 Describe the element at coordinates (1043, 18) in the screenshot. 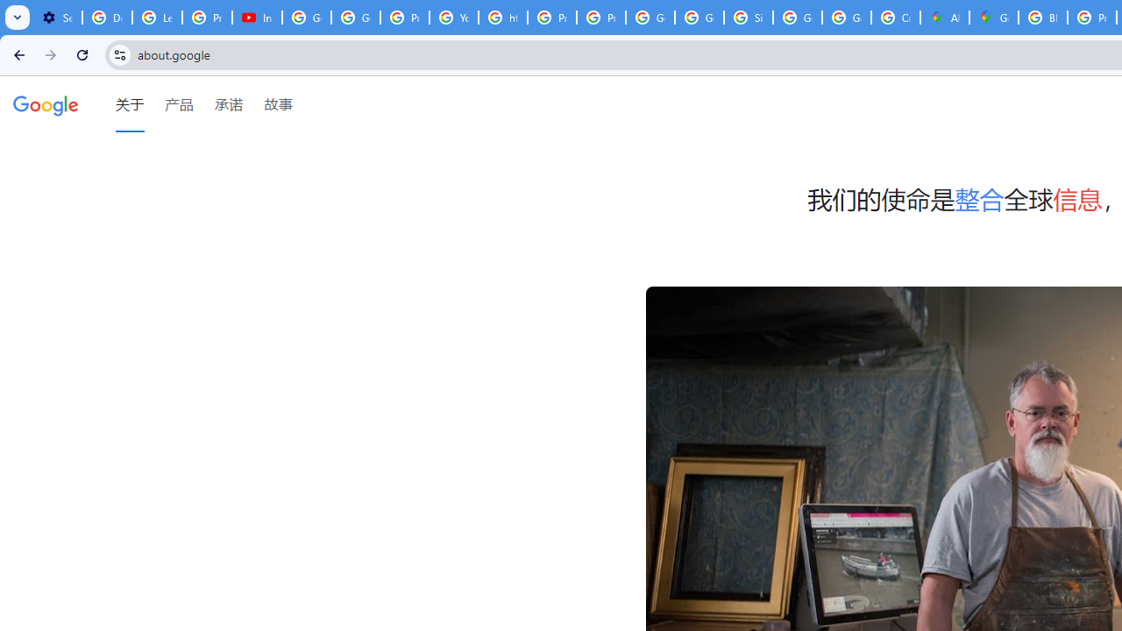

I see `'Blogger Policies and Guidelines - Transparency Center'` at that location.